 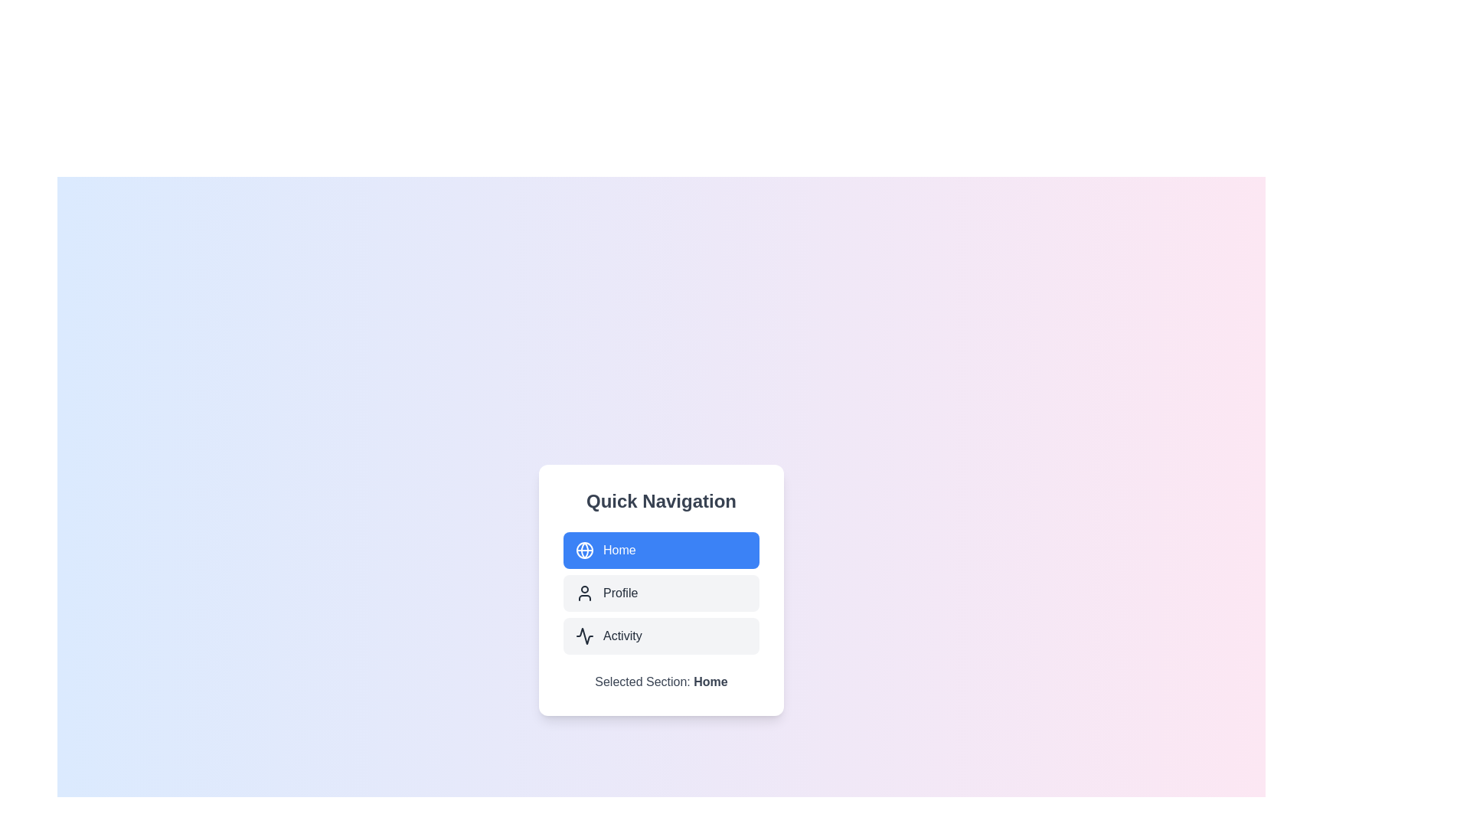 I want to click on the 'Profile' label in the 'Quick Navigation' section of the vertical navigation menu, positioned between 'Home' and 'Activity', so click(x=620, y=593).